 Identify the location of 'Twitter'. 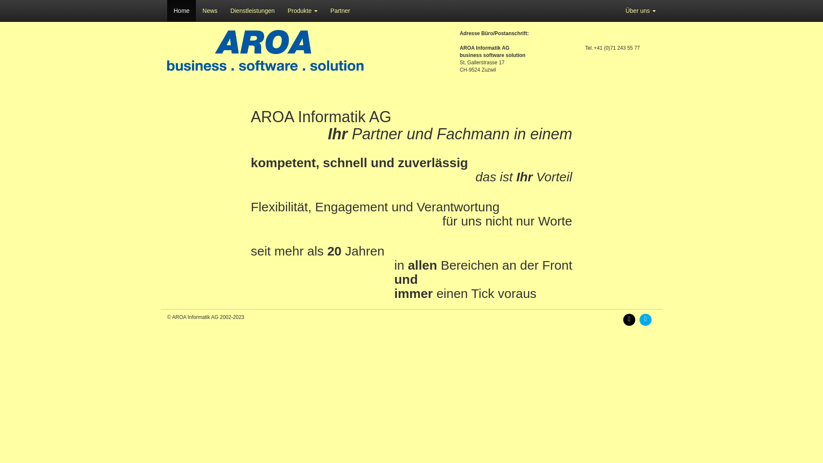
(648, 319).